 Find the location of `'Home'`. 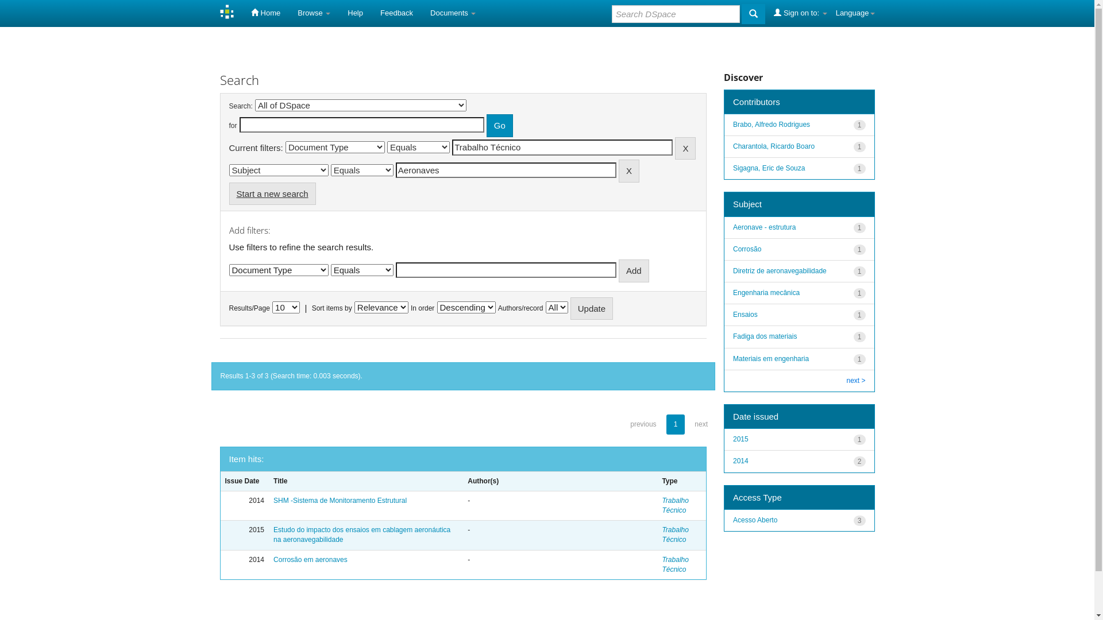

'Home' is located at coordinates (265, 13).